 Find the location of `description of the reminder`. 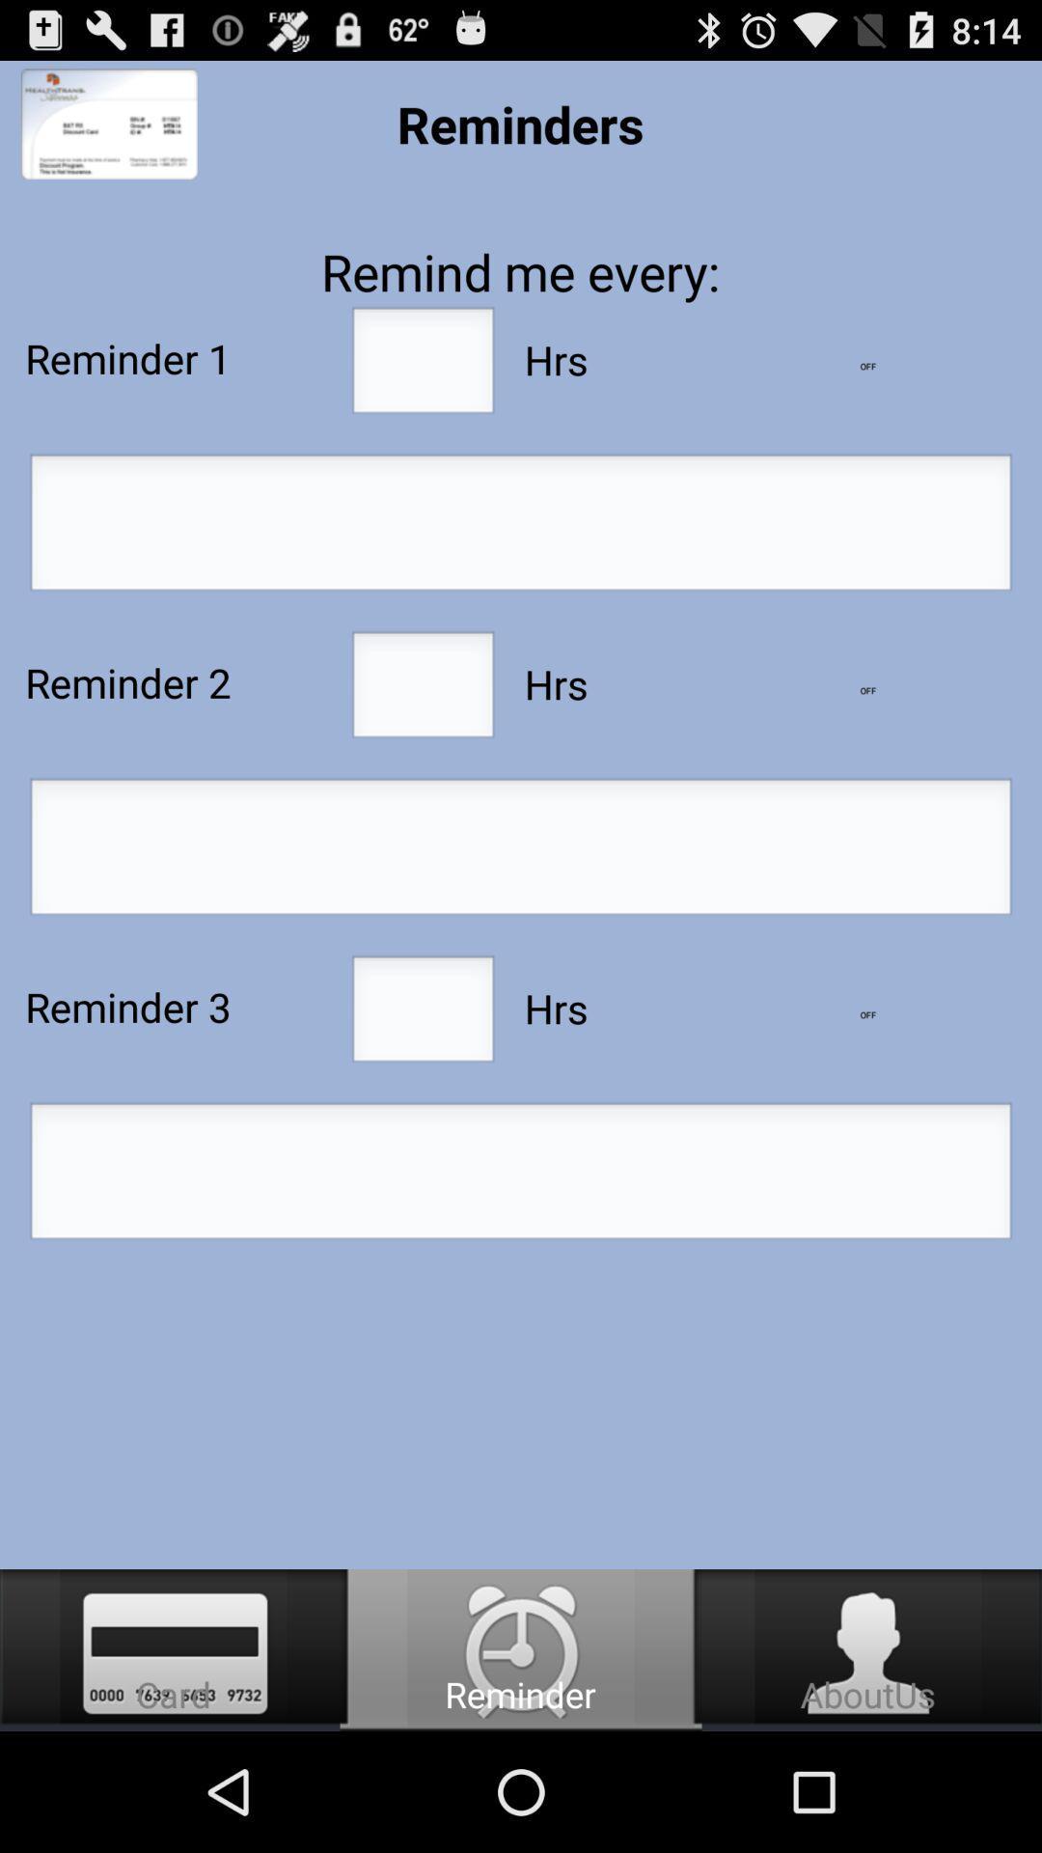

description of the reminder is located at coordinates (521, 528).